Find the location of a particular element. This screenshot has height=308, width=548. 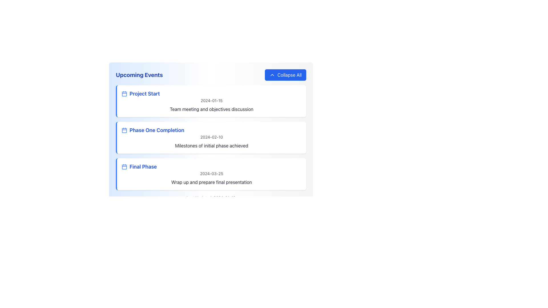

the Information card displaying project details, which is the third item in the 'Upcoming Events' section is located at coordinates (211, 174).